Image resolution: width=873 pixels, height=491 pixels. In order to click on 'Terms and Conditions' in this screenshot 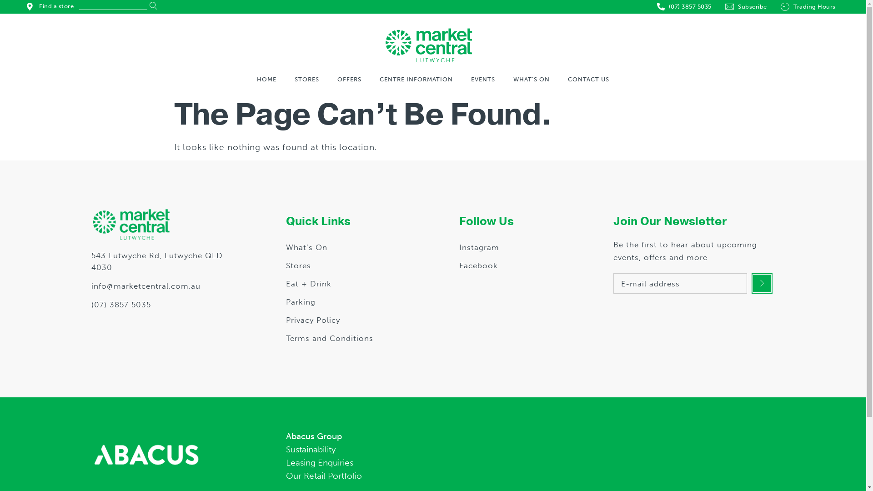, I will do `click(329, 338)`.